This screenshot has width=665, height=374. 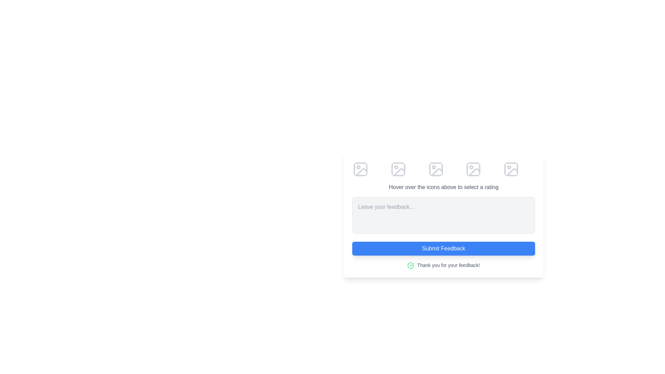 What do you see at coordinates (398, 169) in the screenshot?
I see `the small rectangle with rounded corners that is part of a photo frame icon, located in the second clickable icon from the left above the text input box` at bounding box center [398, 169].